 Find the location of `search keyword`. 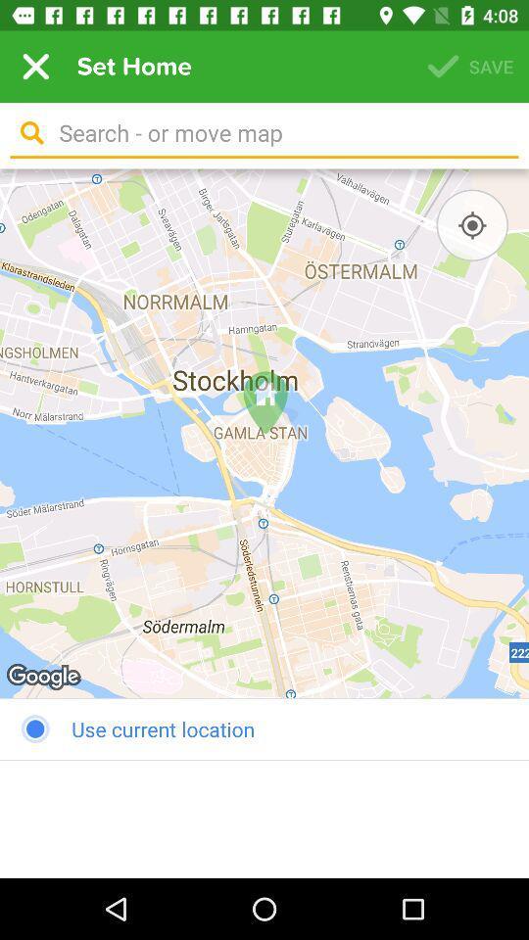

search keyword is located at coordinates (281, 132).